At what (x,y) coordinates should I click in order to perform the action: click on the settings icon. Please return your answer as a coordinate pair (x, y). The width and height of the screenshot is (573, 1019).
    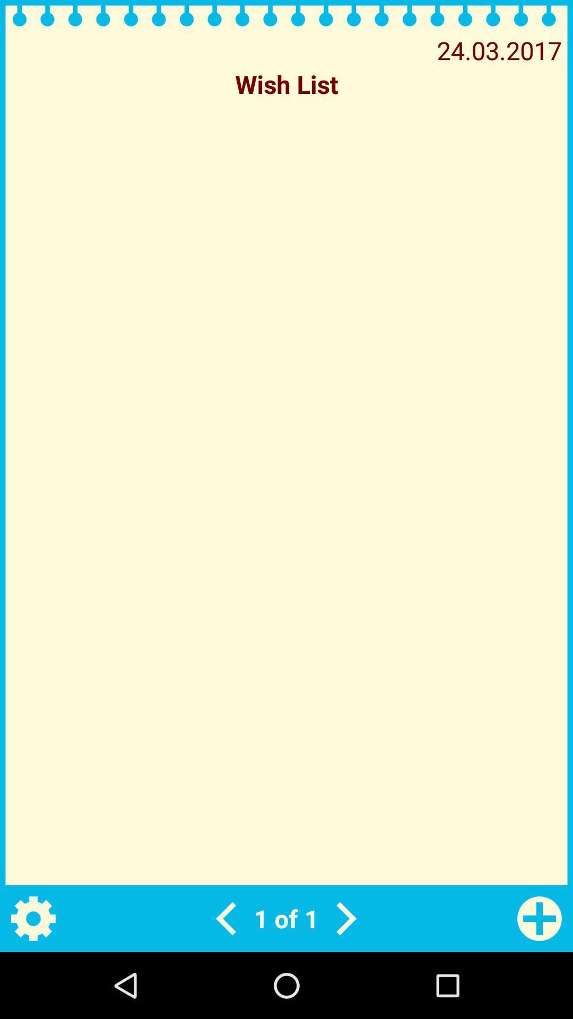
    Looking at the image, I should click on (32, 982).